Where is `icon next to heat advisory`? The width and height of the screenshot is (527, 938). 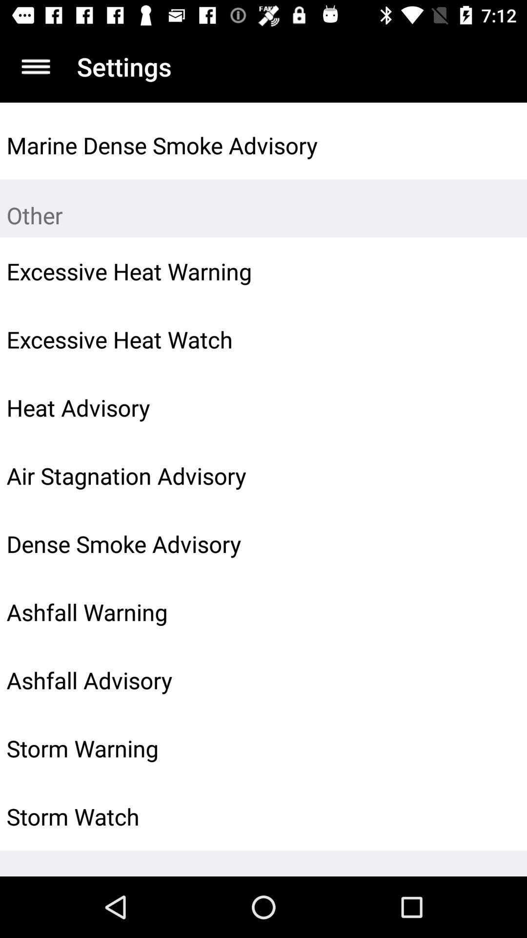 icon next to heat advisory is located at coordinates (496, 407).